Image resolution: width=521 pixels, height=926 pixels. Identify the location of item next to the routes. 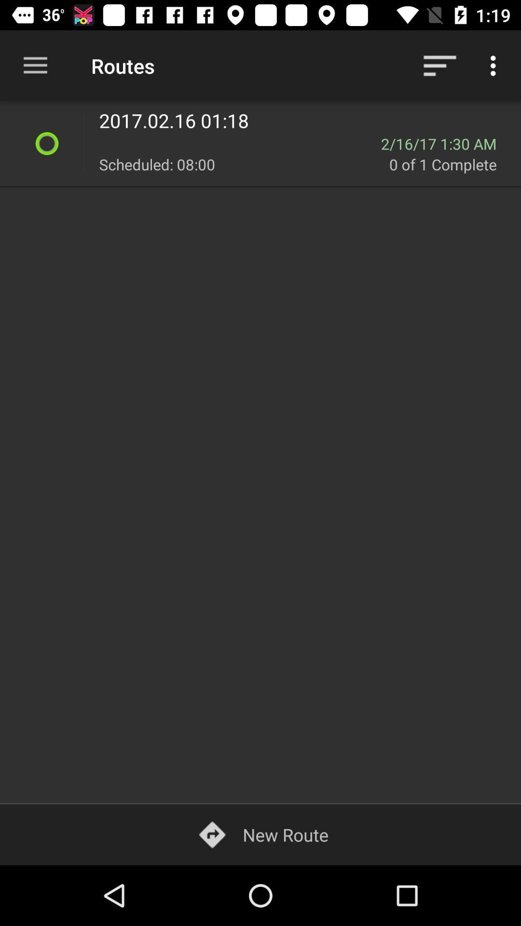
(439, 65).